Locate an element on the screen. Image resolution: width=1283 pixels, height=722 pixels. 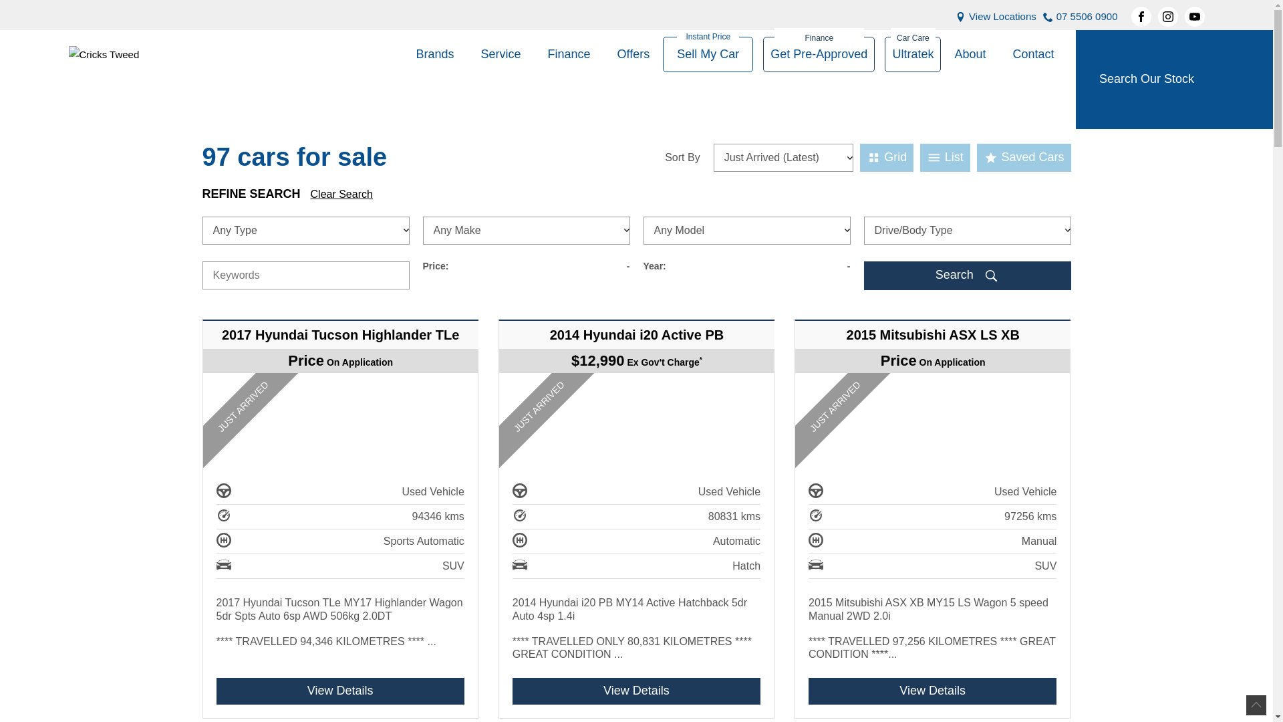
'Grid' is located at coordinates (859, 156).